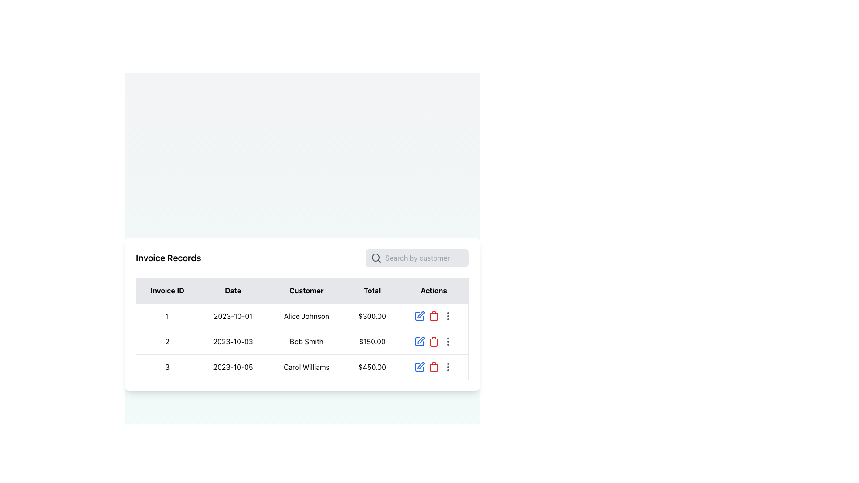 Image resolution: width=859 pixels, height=483 pixels. What do you see at coordinates (302, 341) in the screenshot?
I see `the second row of the data table that displays detailed information for the second invoice record including the invoice ID, date, customer name, amount total, and associated actions` at bounding box center [302, 341].